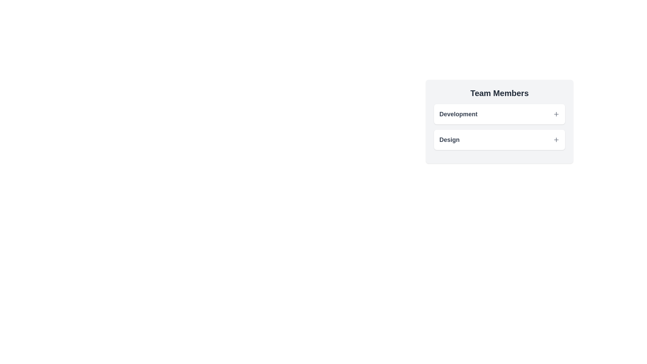  I want to click on the expand/collapse icon for the team named Development, so click(556, 114).